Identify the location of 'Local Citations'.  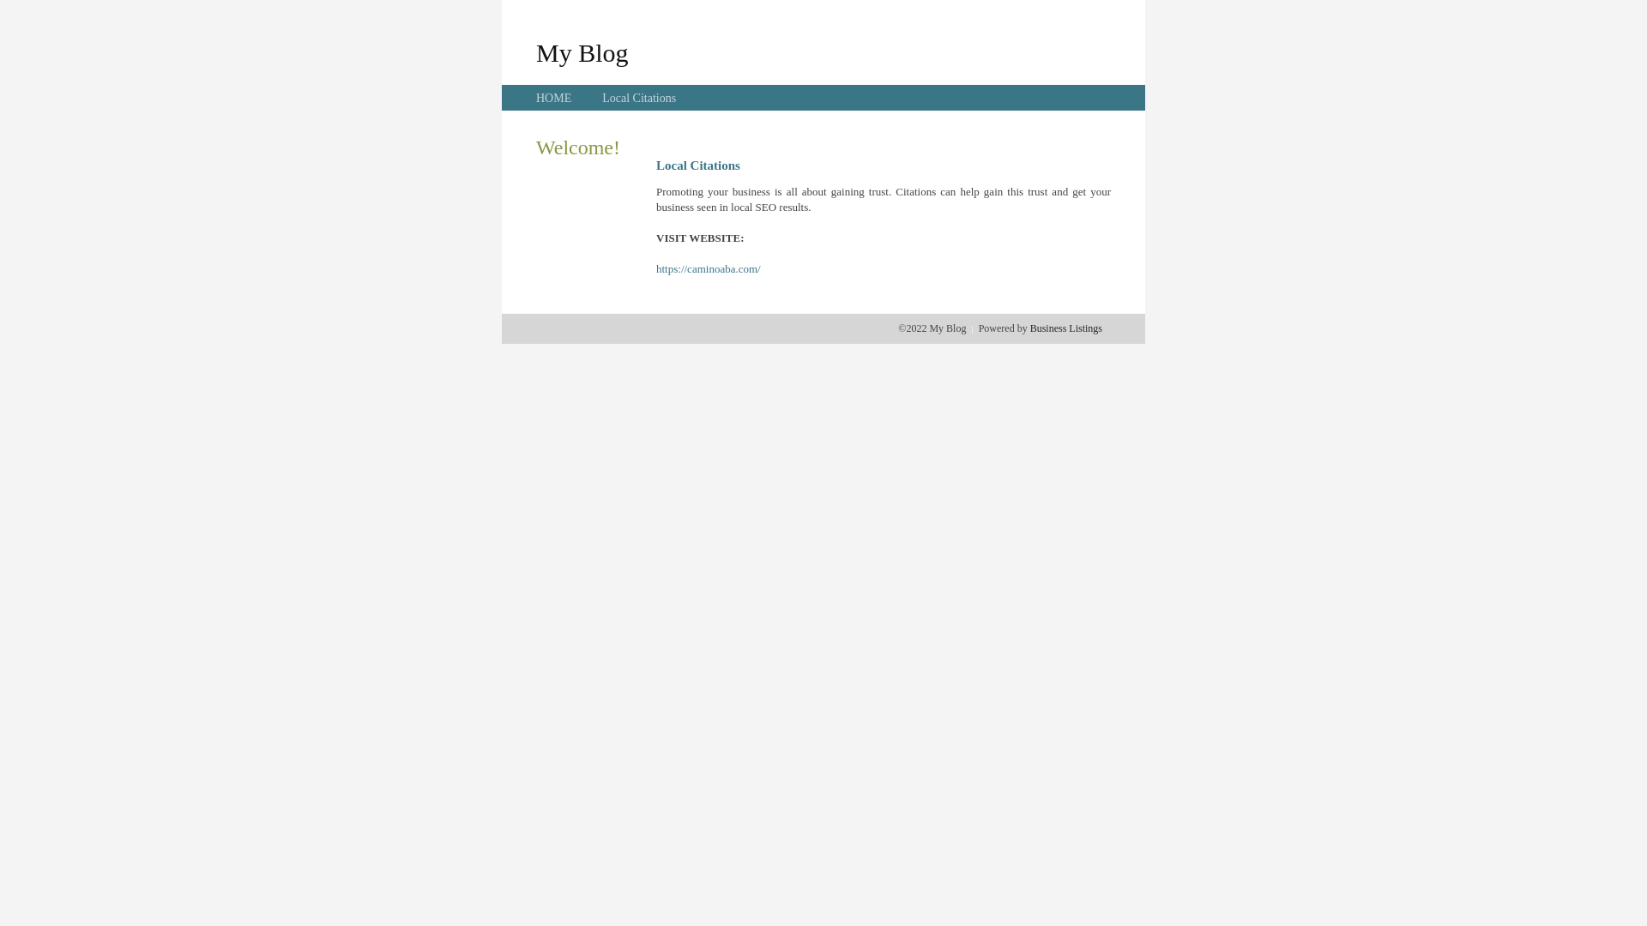
(637, 98).